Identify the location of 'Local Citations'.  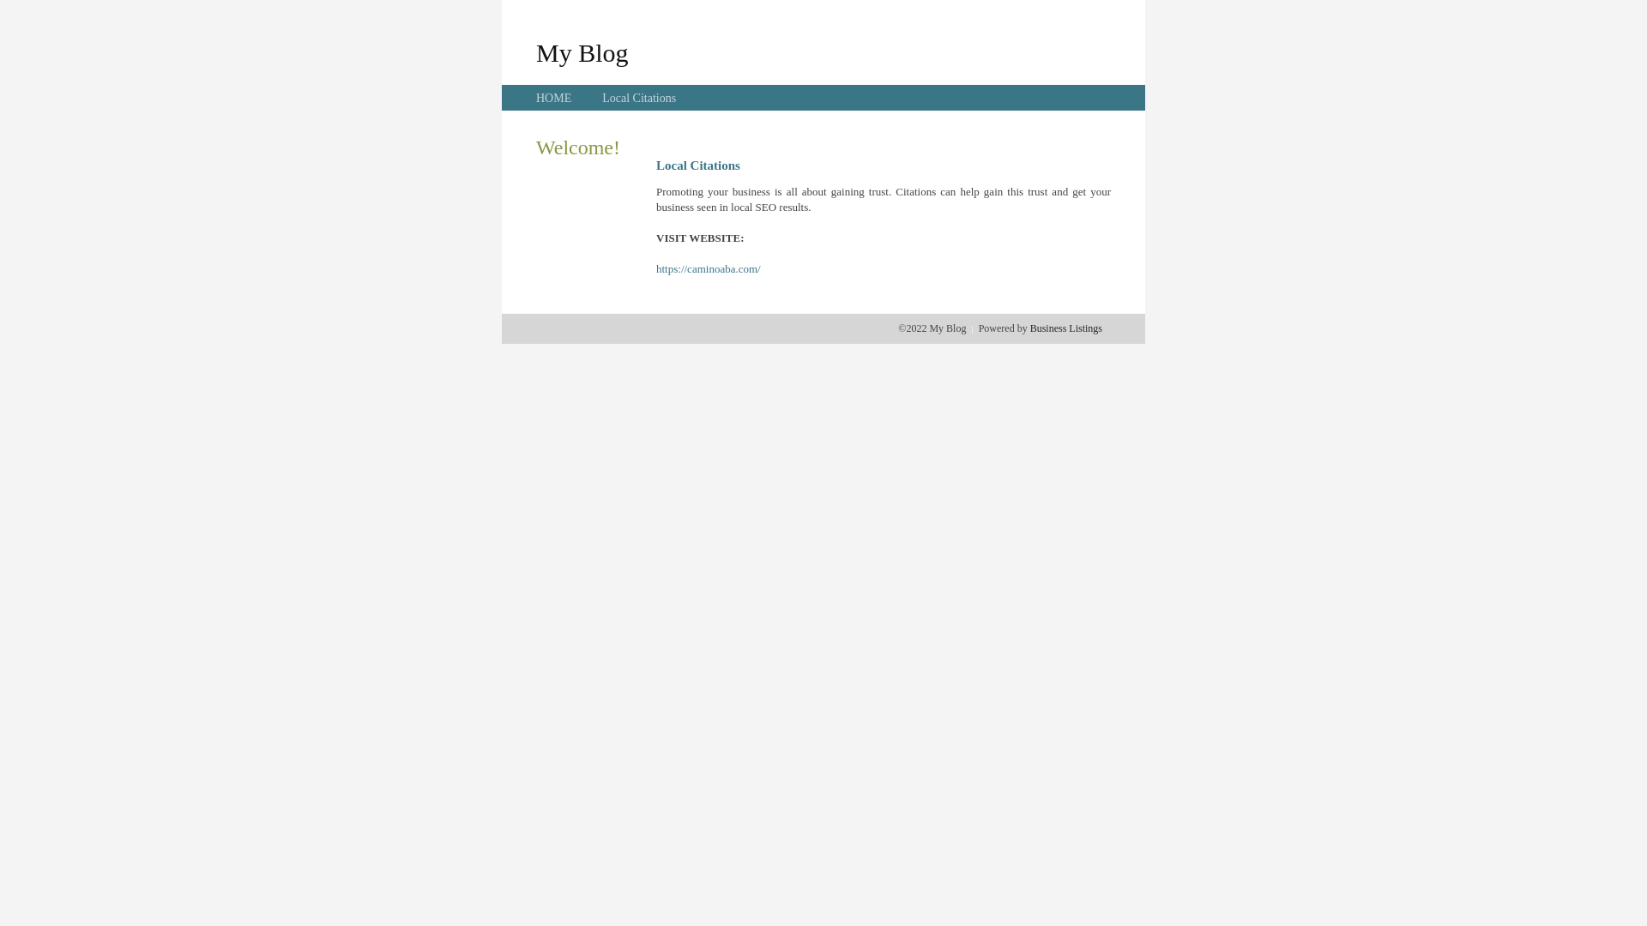
(637, 98).